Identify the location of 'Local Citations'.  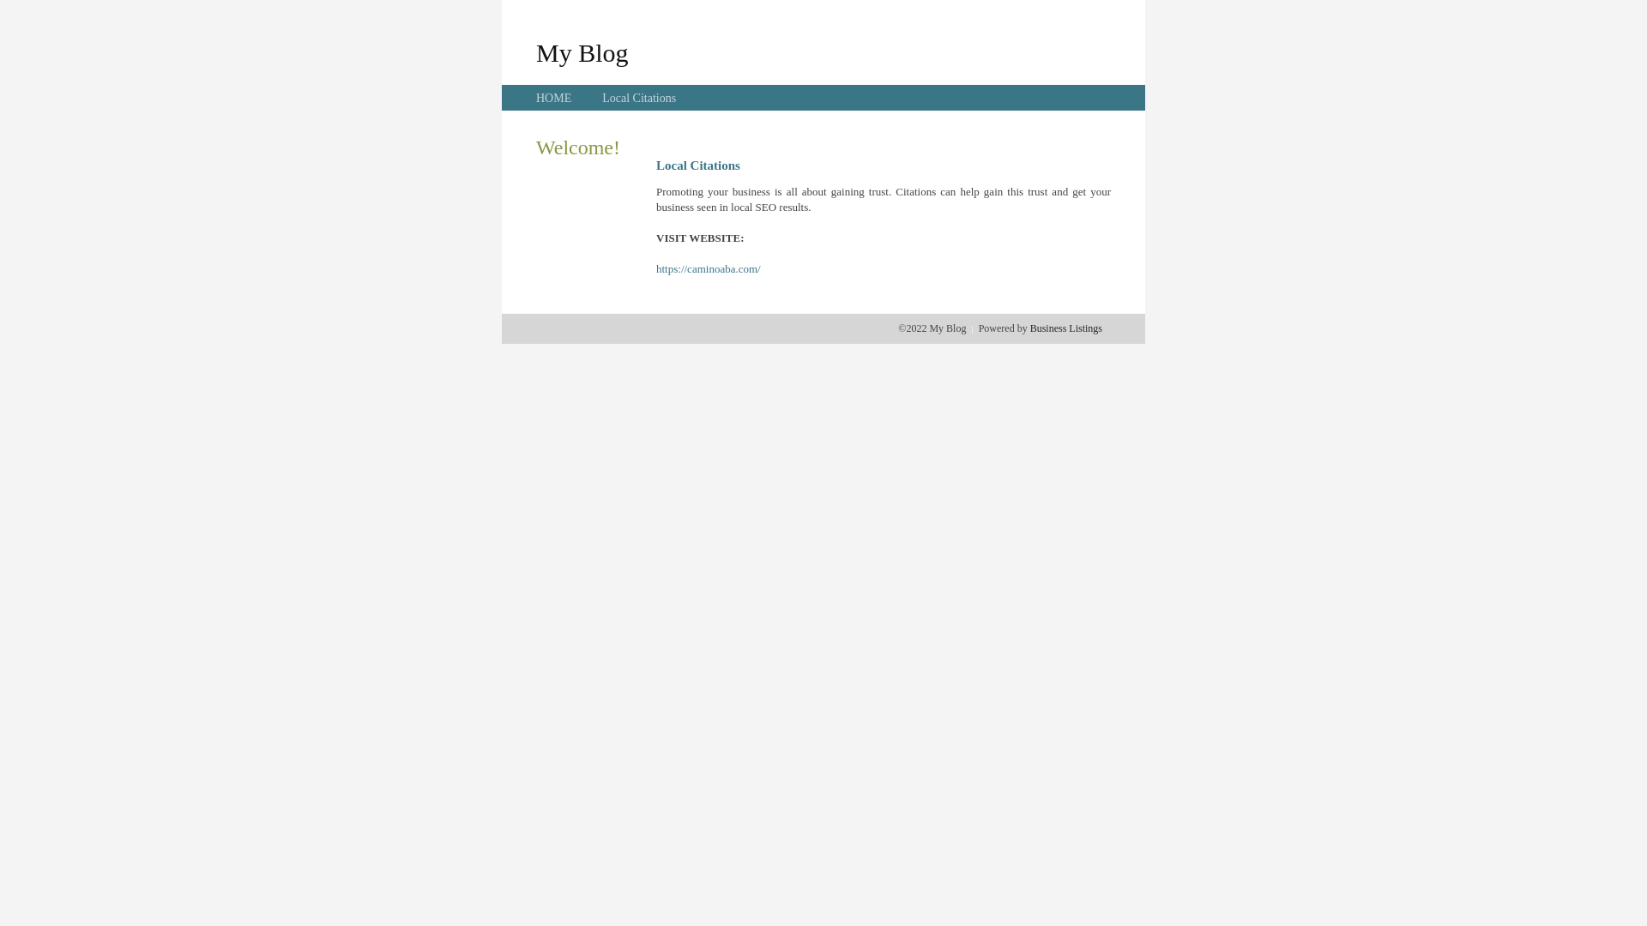
(637, 98).